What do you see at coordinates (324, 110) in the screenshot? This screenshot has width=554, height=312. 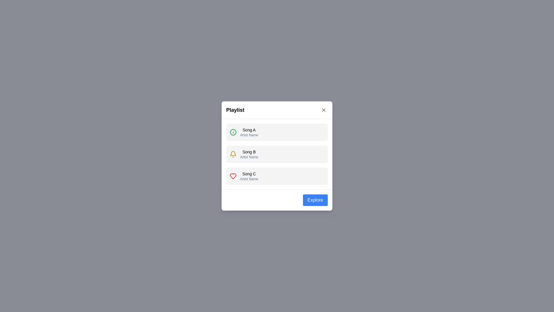 I see `the close button located at the top-right corner of the 'Playlist' dialog box` at bounding box center [324, 110].